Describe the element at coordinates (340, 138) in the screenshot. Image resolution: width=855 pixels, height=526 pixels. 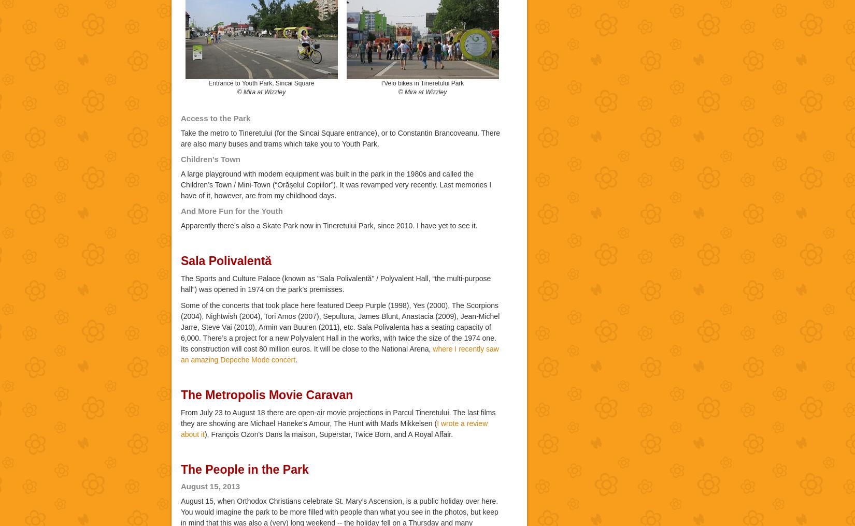
I see `'Take the metro to Tineretului (for the Sincai Square entrance), or to Constantin Brancoveanu. There are also many buses and trams which take you to Youth Park.'` at that location.